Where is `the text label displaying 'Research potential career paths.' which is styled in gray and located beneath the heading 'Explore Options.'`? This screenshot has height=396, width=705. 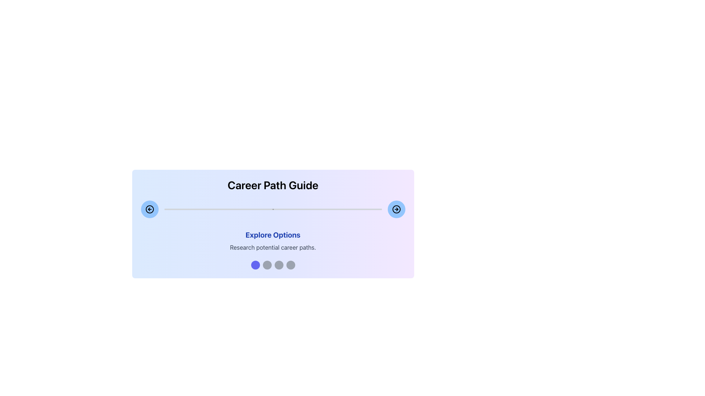
the text label displaying 'Research potential career paths.' which is styled in gray and located beneath the heading 'Explore Options.' is located at coordinates (272, 247).